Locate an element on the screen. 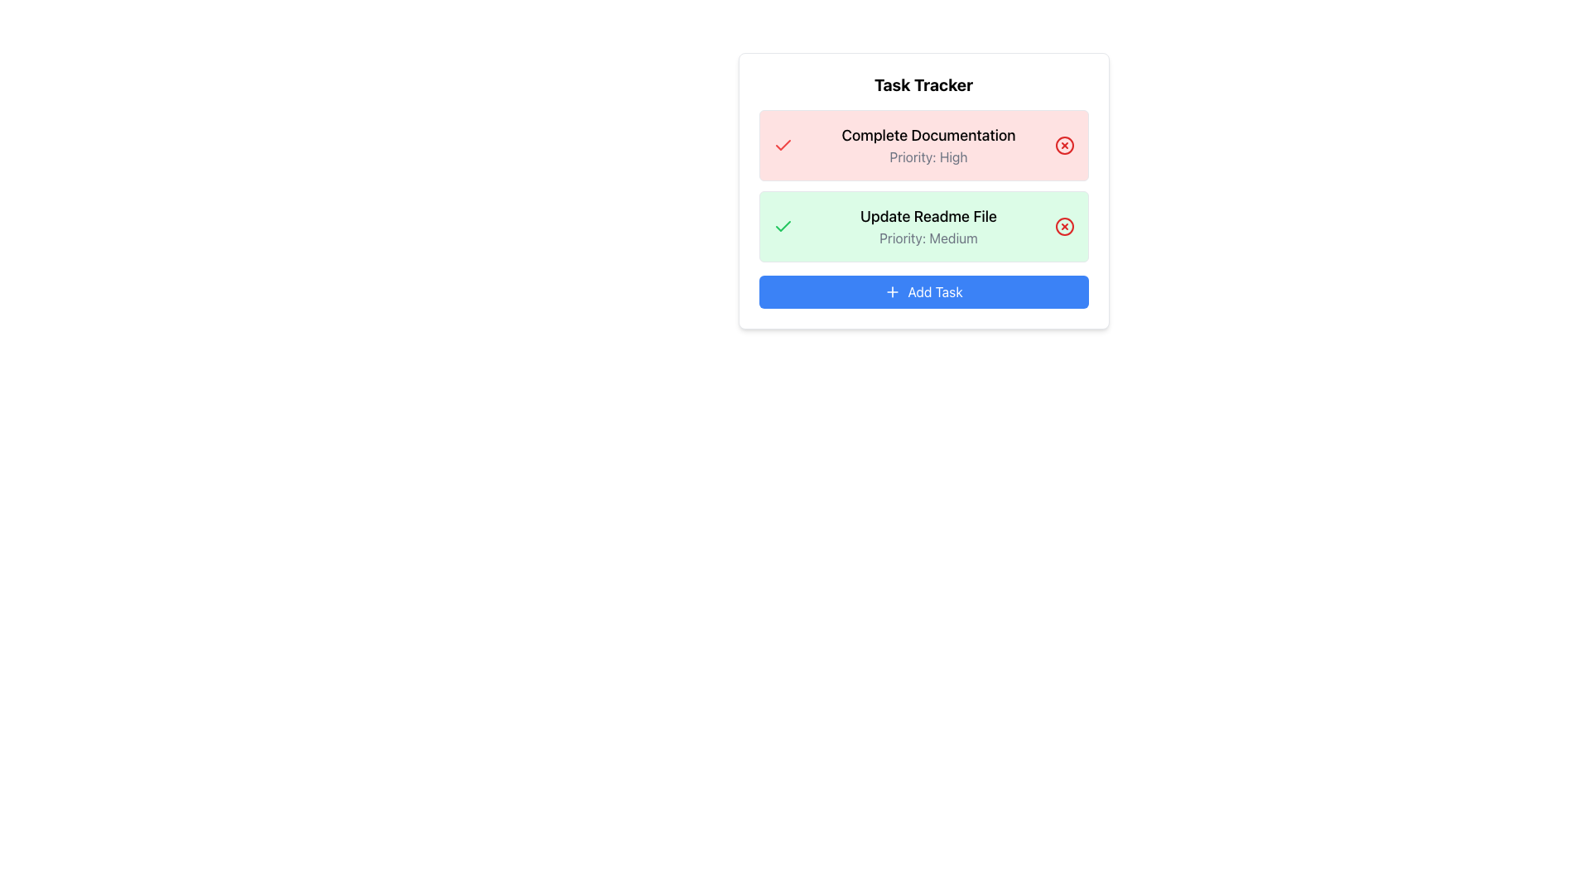 This screenshot has height=894, width=1590. the delete button located in the top-right corner of the 'Complete Documentation Priority: High' task card is located at coordinates (1064, 145).